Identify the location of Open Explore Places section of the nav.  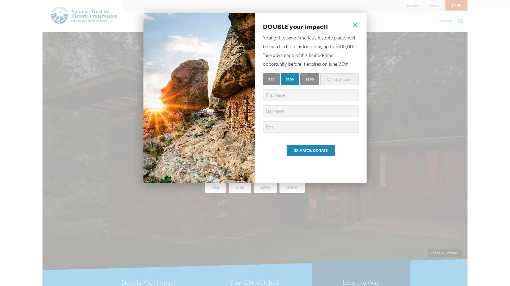
(211, 21).